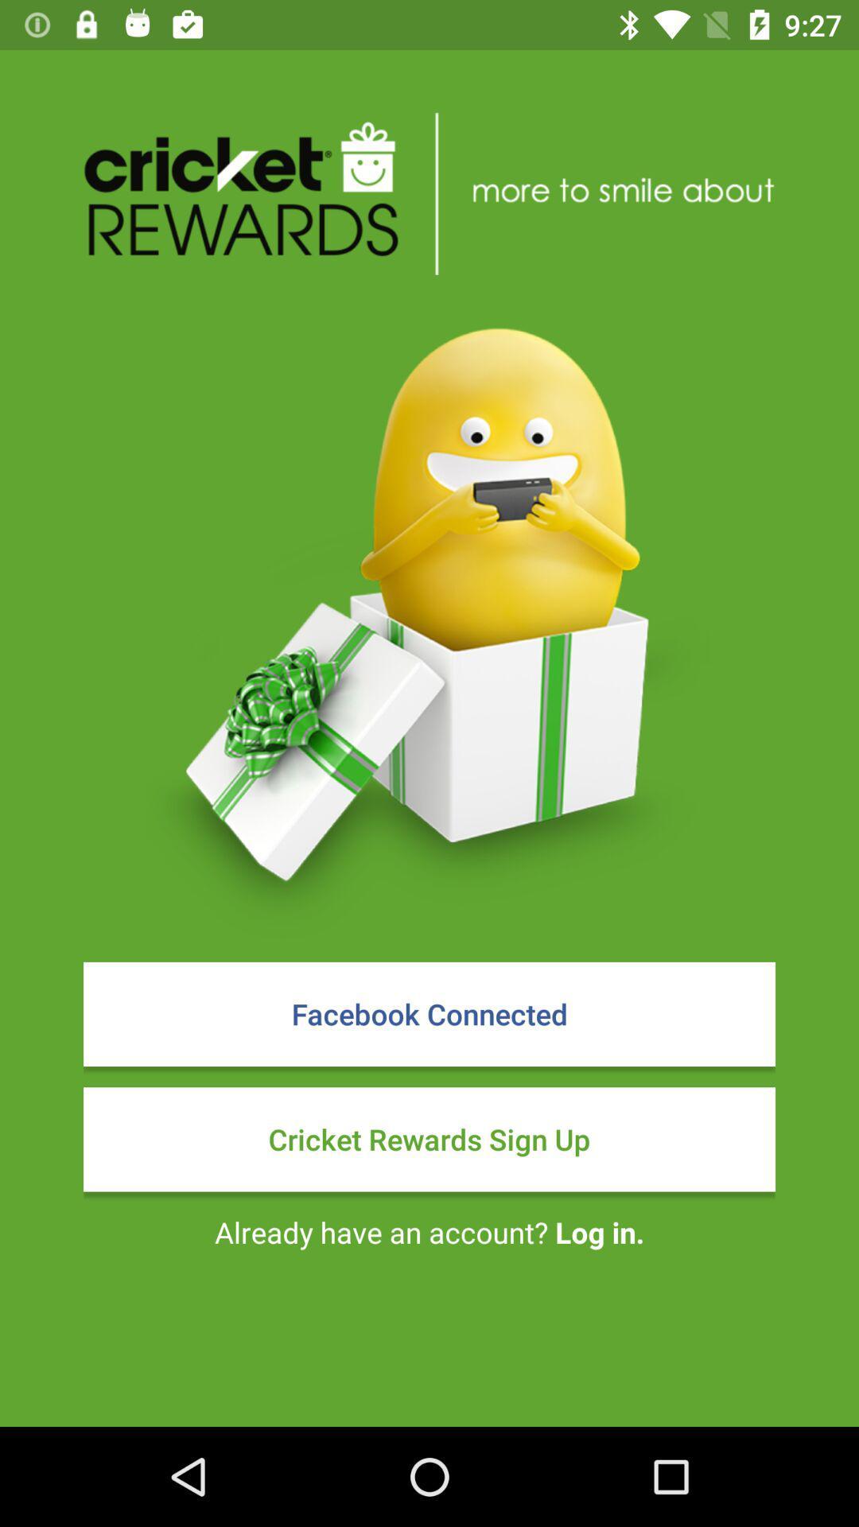  Describe the element at coordinates (429, 1231) in the screenshot. I see `icon below cricket rewards sign` at that location.